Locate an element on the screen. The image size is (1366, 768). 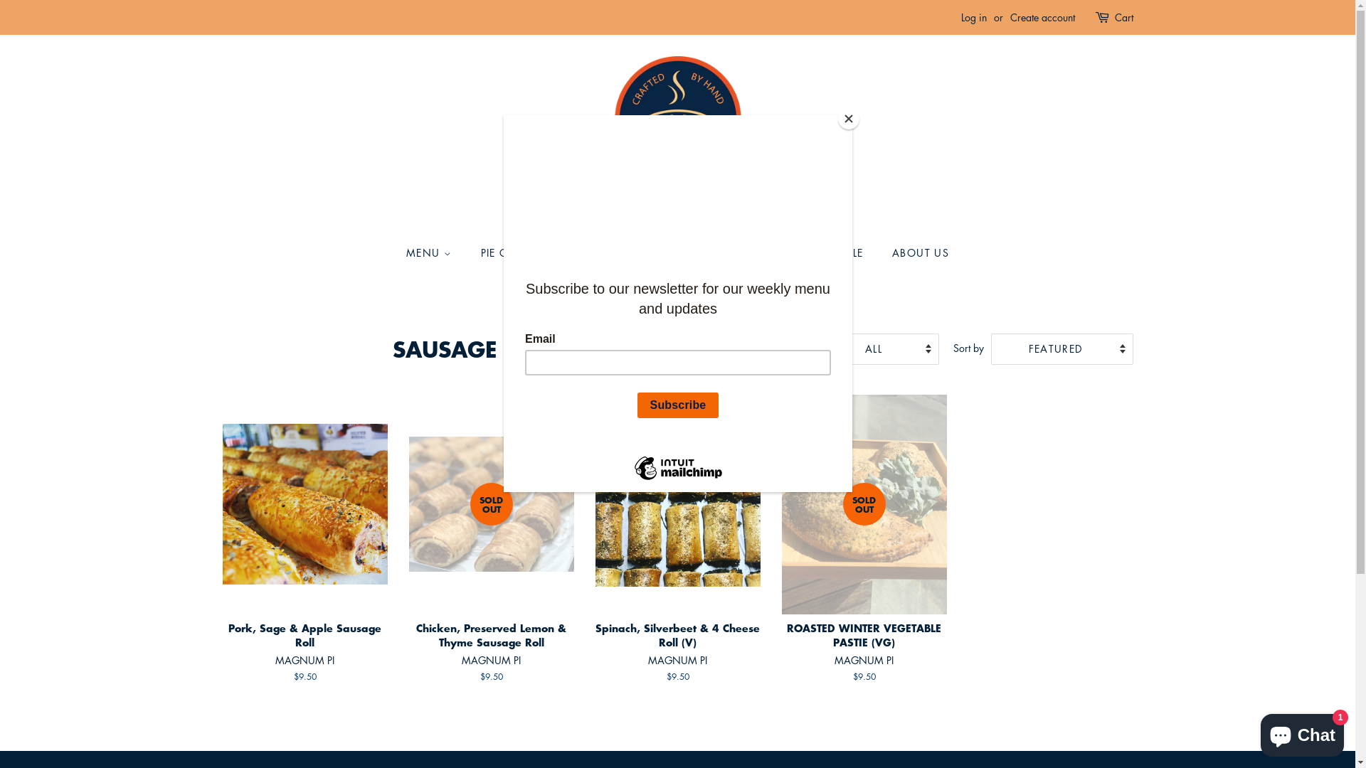
'Create account' is located at coordinates (1010, 16).